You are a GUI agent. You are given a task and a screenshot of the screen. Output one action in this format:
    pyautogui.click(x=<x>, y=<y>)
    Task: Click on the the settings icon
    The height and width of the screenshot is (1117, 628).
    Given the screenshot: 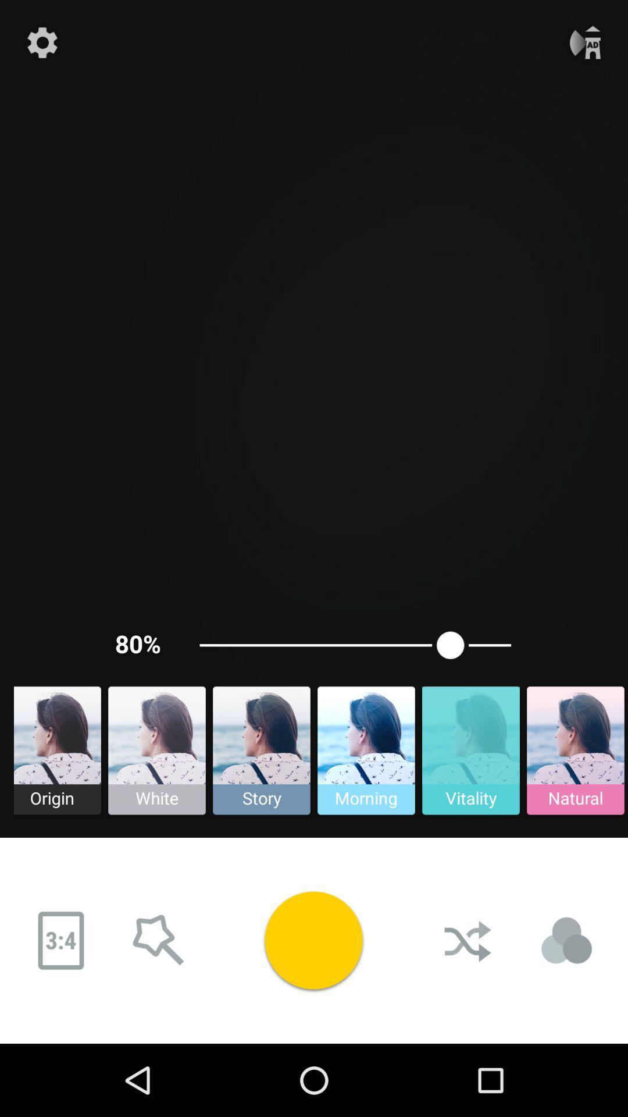 What is the action you would take?
    pyautogui.click(x=42, y=42)
    